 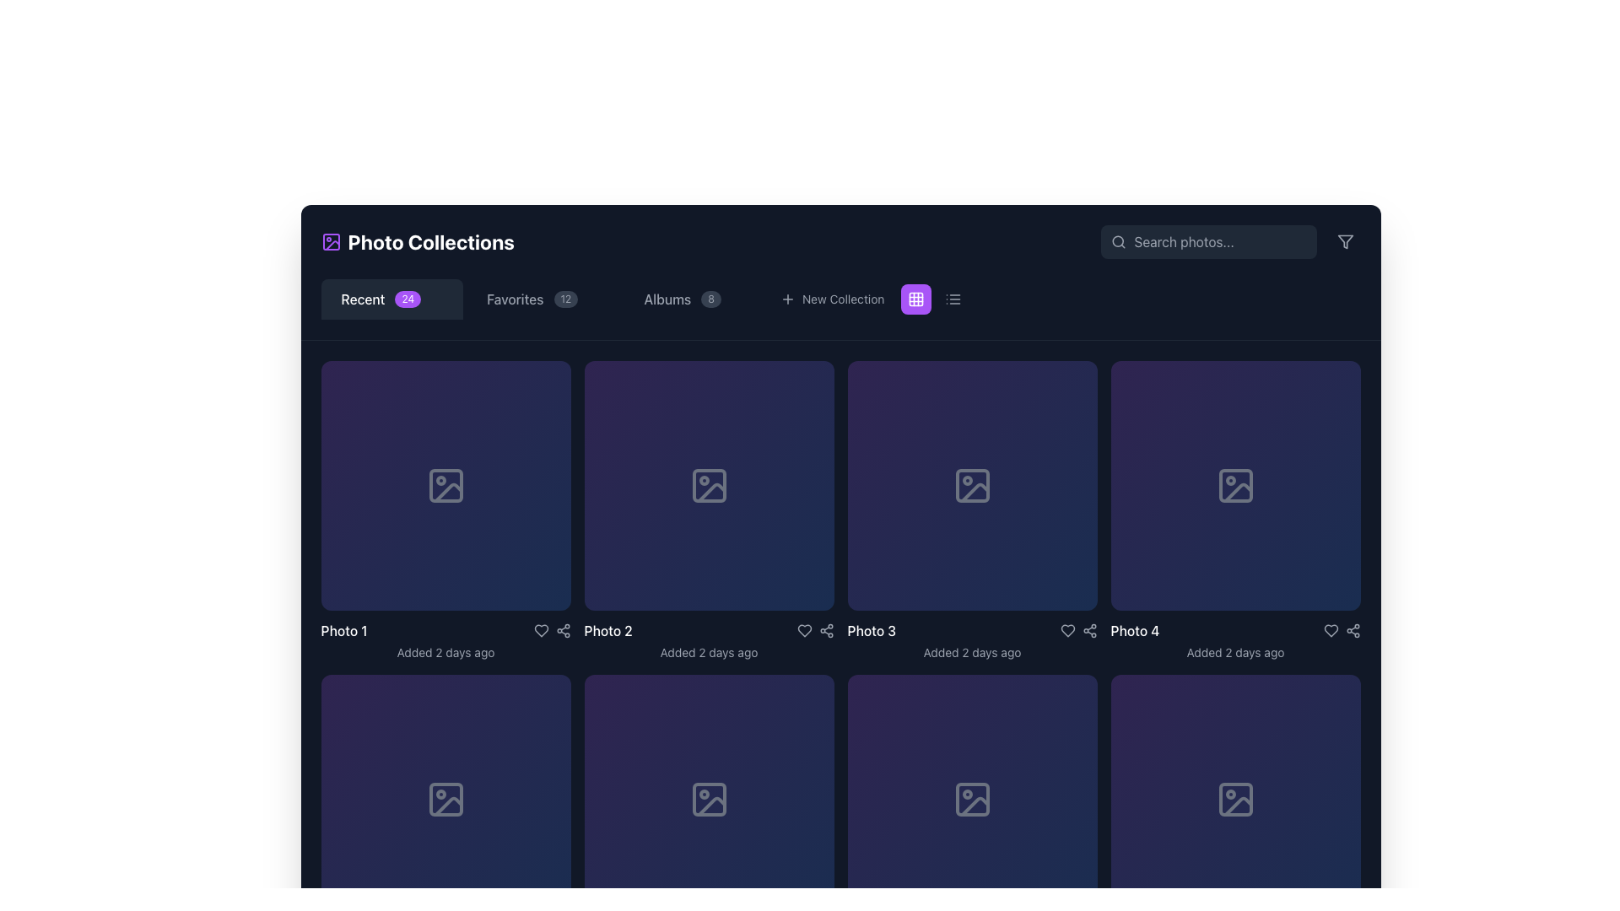 What do you see at coordinates (1341, 631) in the screenshot?
I see `the group of interactive icons at the bottom-right corner of the 'Photo 4' panel` at bounding box center [1341, 631].